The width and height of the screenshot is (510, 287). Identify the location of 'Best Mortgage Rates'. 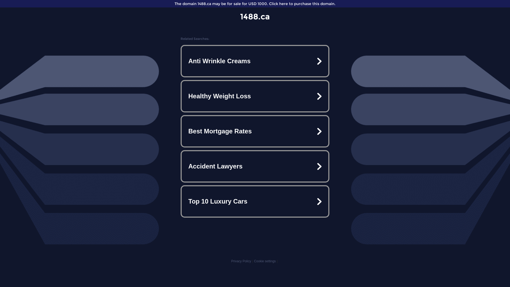
(255, 131).